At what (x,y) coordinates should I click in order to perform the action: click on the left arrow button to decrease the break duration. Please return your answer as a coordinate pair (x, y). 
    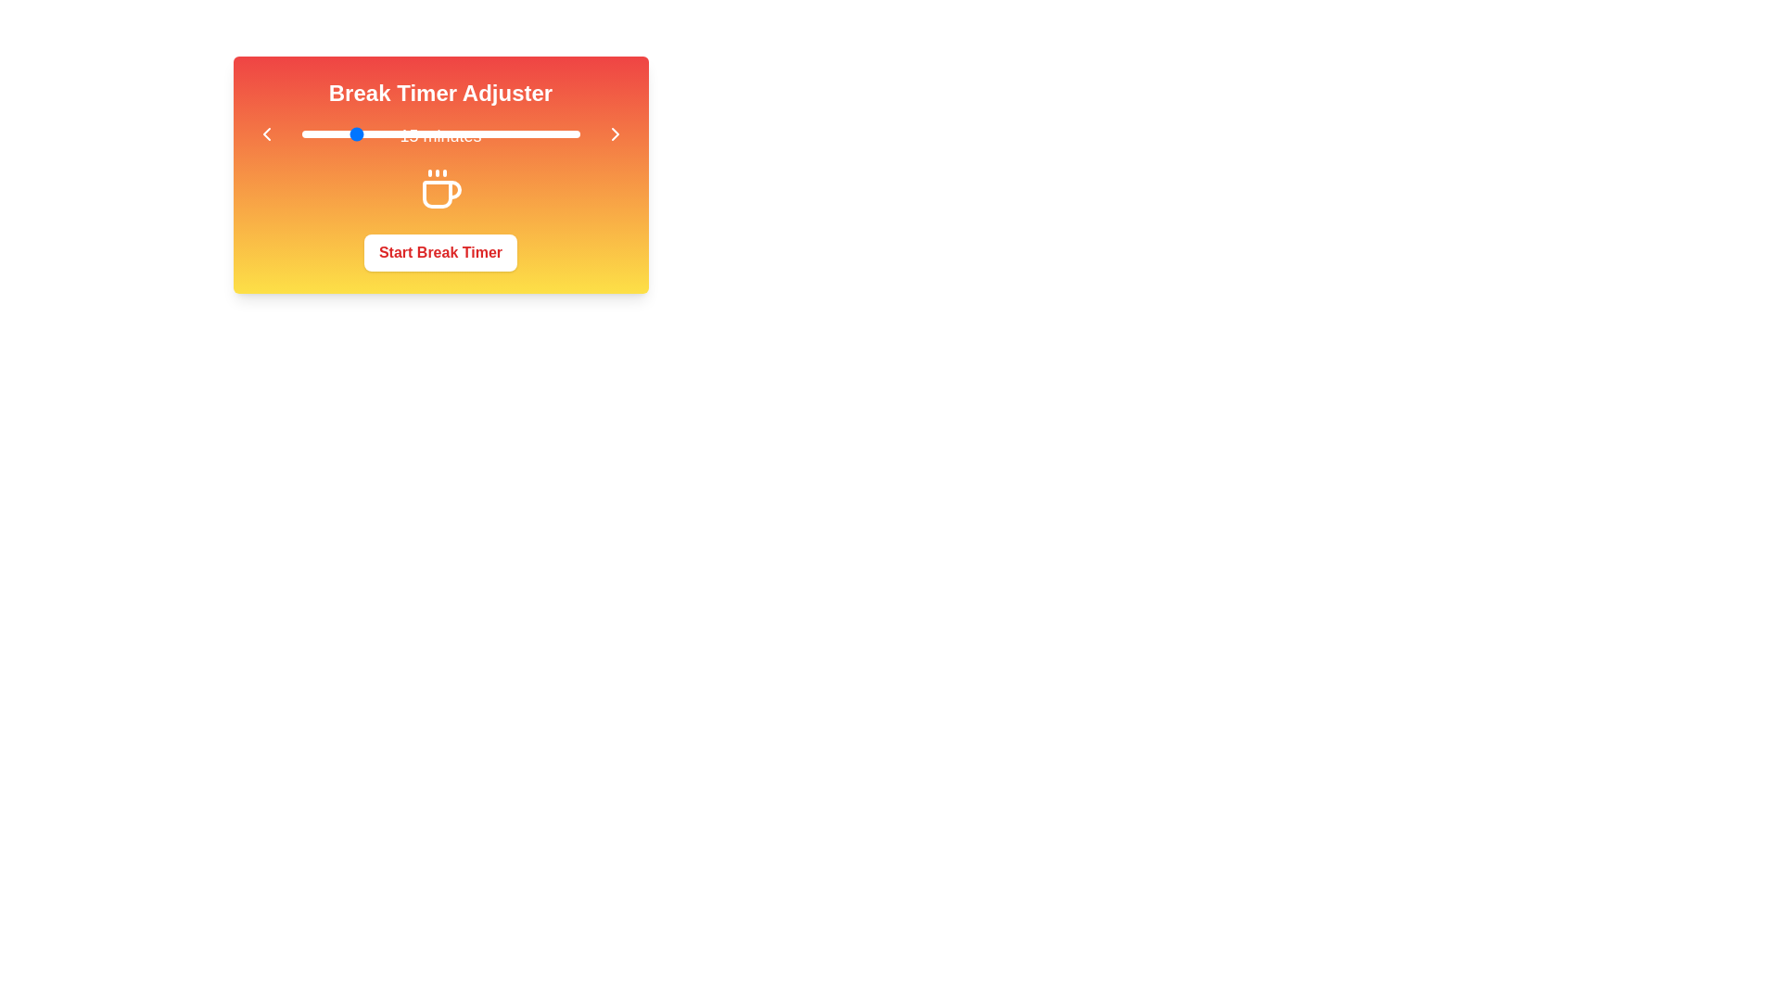
    Looking at the image, I should click on (265, 133).